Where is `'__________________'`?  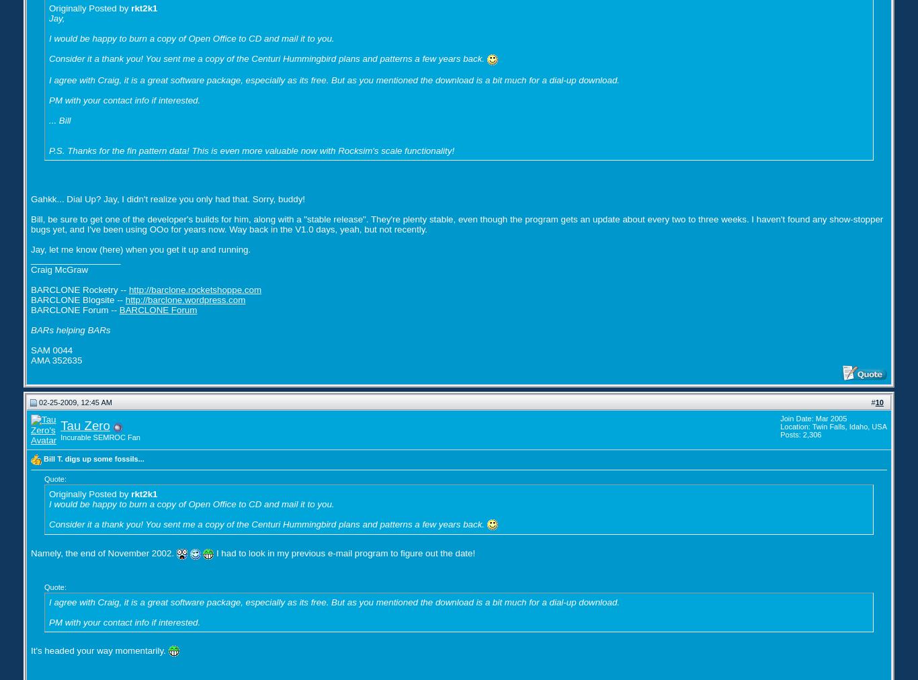 '__________________' is located at coordinates (75, 259).